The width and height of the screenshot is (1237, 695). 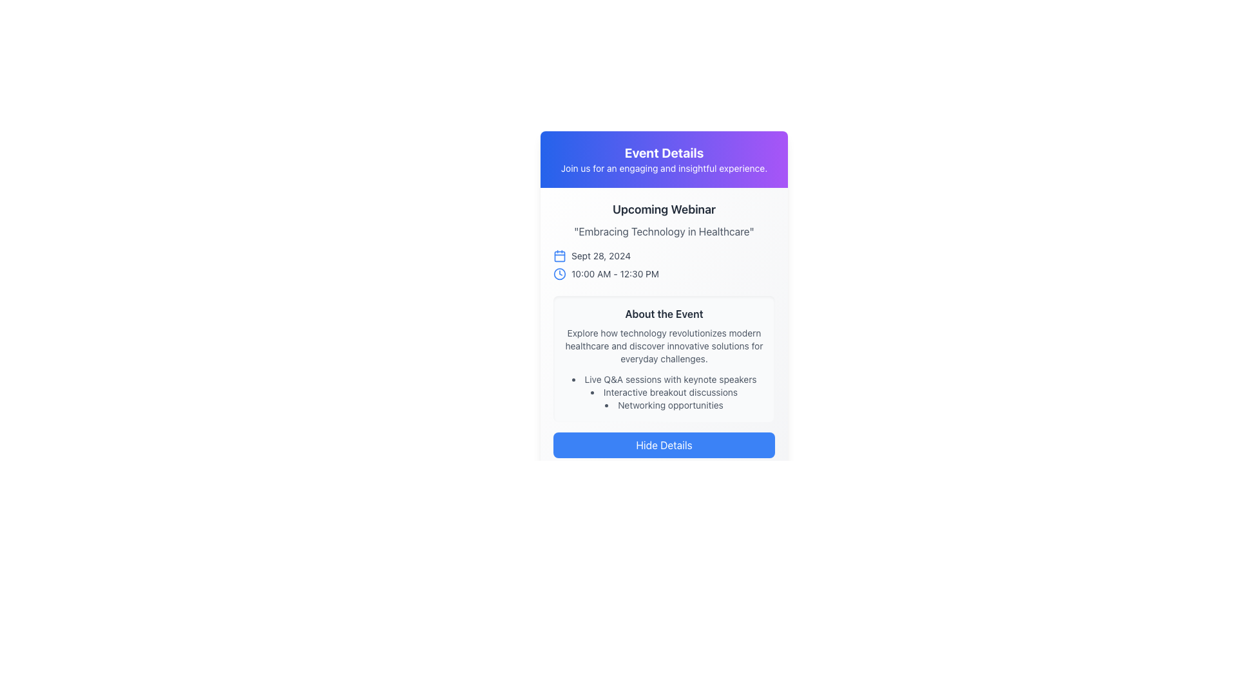 I want to click on the first list item in the 'About the Event' section that contains the text 'Live Q&A sessions with keynote speakers', so click(x=664, y=379).